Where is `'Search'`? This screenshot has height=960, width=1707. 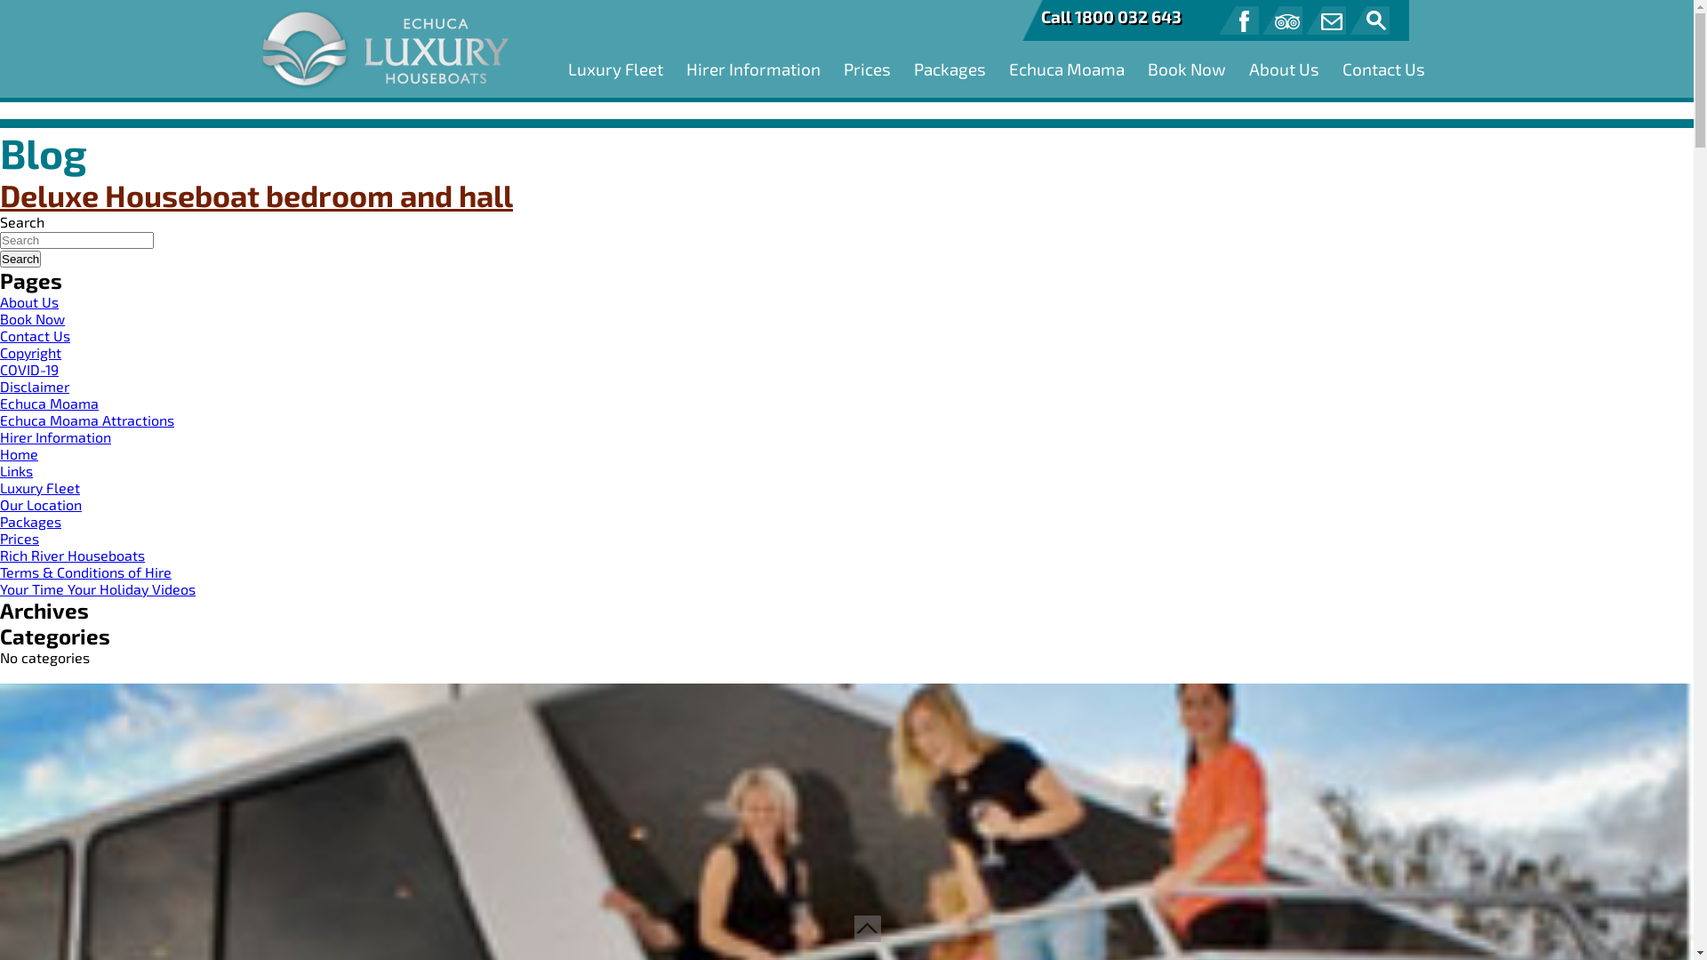 'Search' is located at coordinates (20, 259).